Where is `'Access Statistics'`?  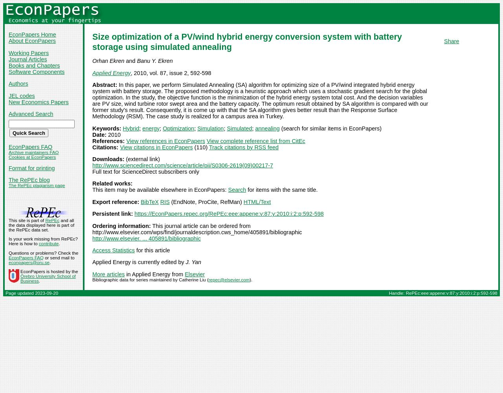 'Access Statistics' is located at coordinates (113, 250).